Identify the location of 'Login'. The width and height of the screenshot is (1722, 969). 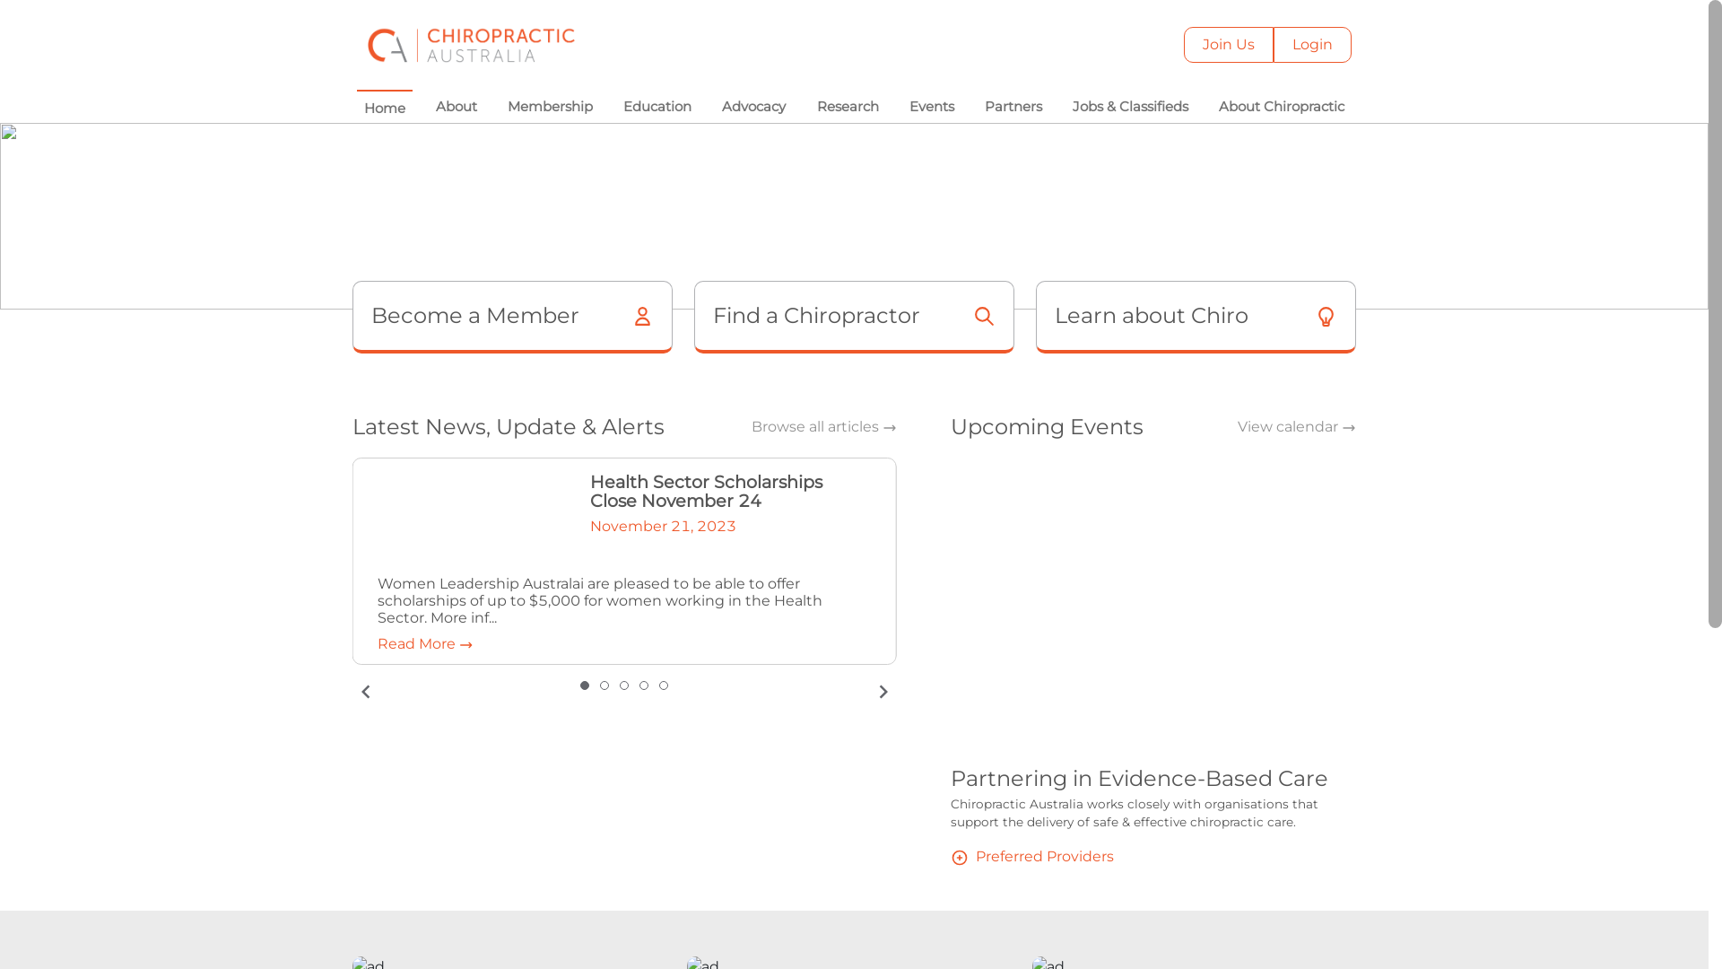
(1312, 44).